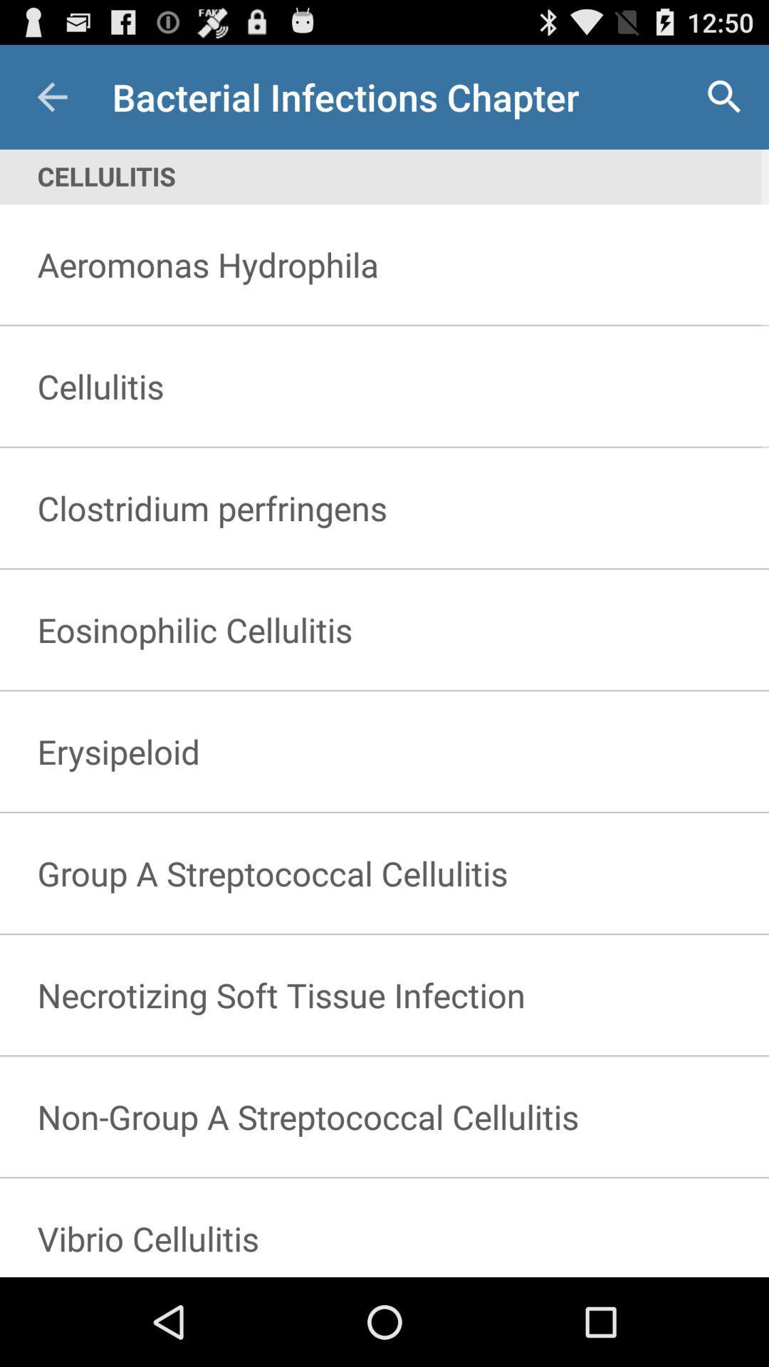 The width and height of the screenshot is (769, 1367). I want to click on the icon next to the bacterial infections chapter, so click(724, 96).